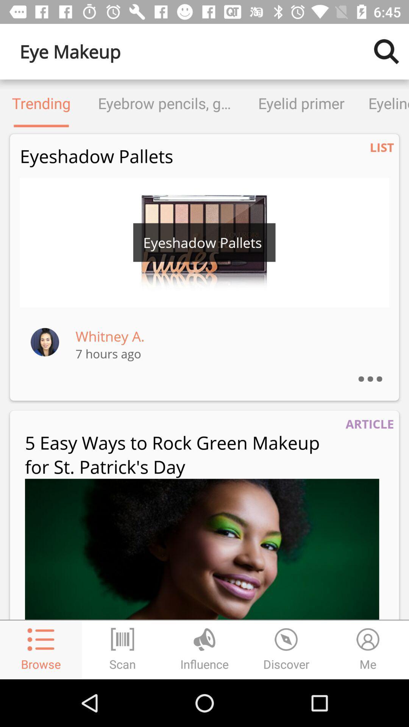 The height and width of the screenshot is (727, 409). Describe the element at coordinates (382, 147) in the screenshot. I see `icon to the right of the eyeshadow pallets  item` at that location.